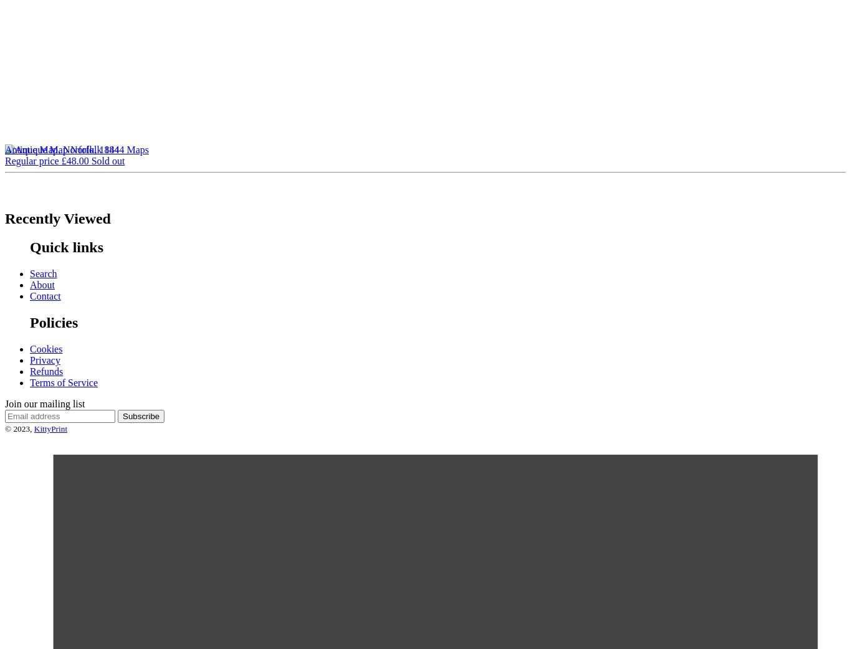 The image size is (851, 649). I want to click on 'Contact', so click(45, 296).